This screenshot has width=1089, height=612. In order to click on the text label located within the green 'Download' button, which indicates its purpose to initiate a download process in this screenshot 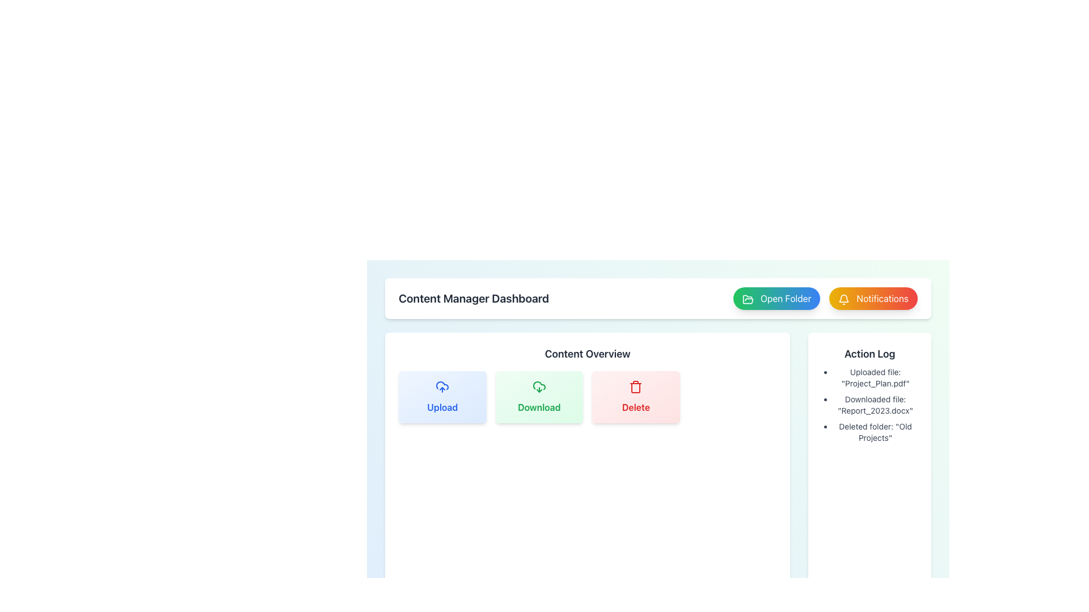, I will do `click(538, 406)`.